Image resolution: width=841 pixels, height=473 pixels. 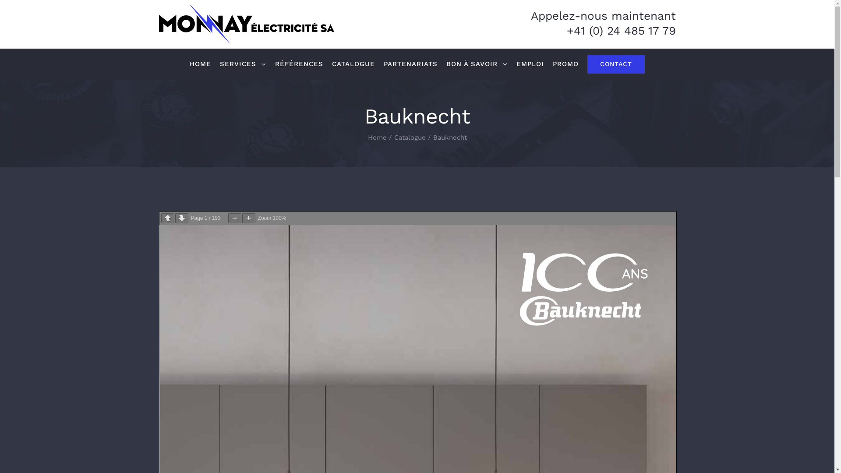 What do you see at coordinates (242, 218) in the screenshot?
I see `'Zoomer'` at bounding box center [242, 218].